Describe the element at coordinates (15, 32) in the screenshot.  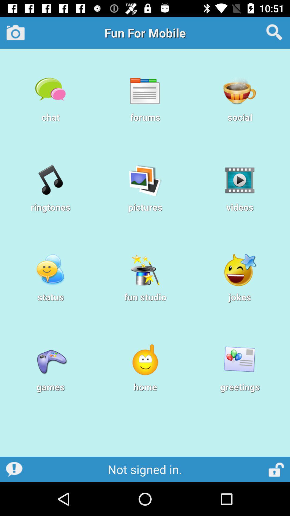
I see `a picture` at that location.